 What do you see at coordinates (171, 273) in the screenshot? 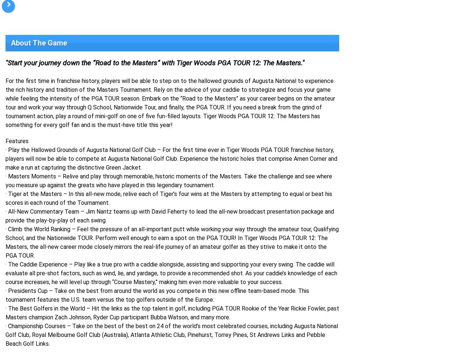
I see `'· The Caddie Experience – Play like a true pro with a caddie alongside, assisting and supporting your every swing. The caddie will evaluate all pre-shot factors, such as wind, lie, and yardage, to provide a recommended shot. As your caddie’s knowledge of each course increases, he will level up through “Course Mastery,” making him even more valuable to your success.'` at bounding box center [171, 273].